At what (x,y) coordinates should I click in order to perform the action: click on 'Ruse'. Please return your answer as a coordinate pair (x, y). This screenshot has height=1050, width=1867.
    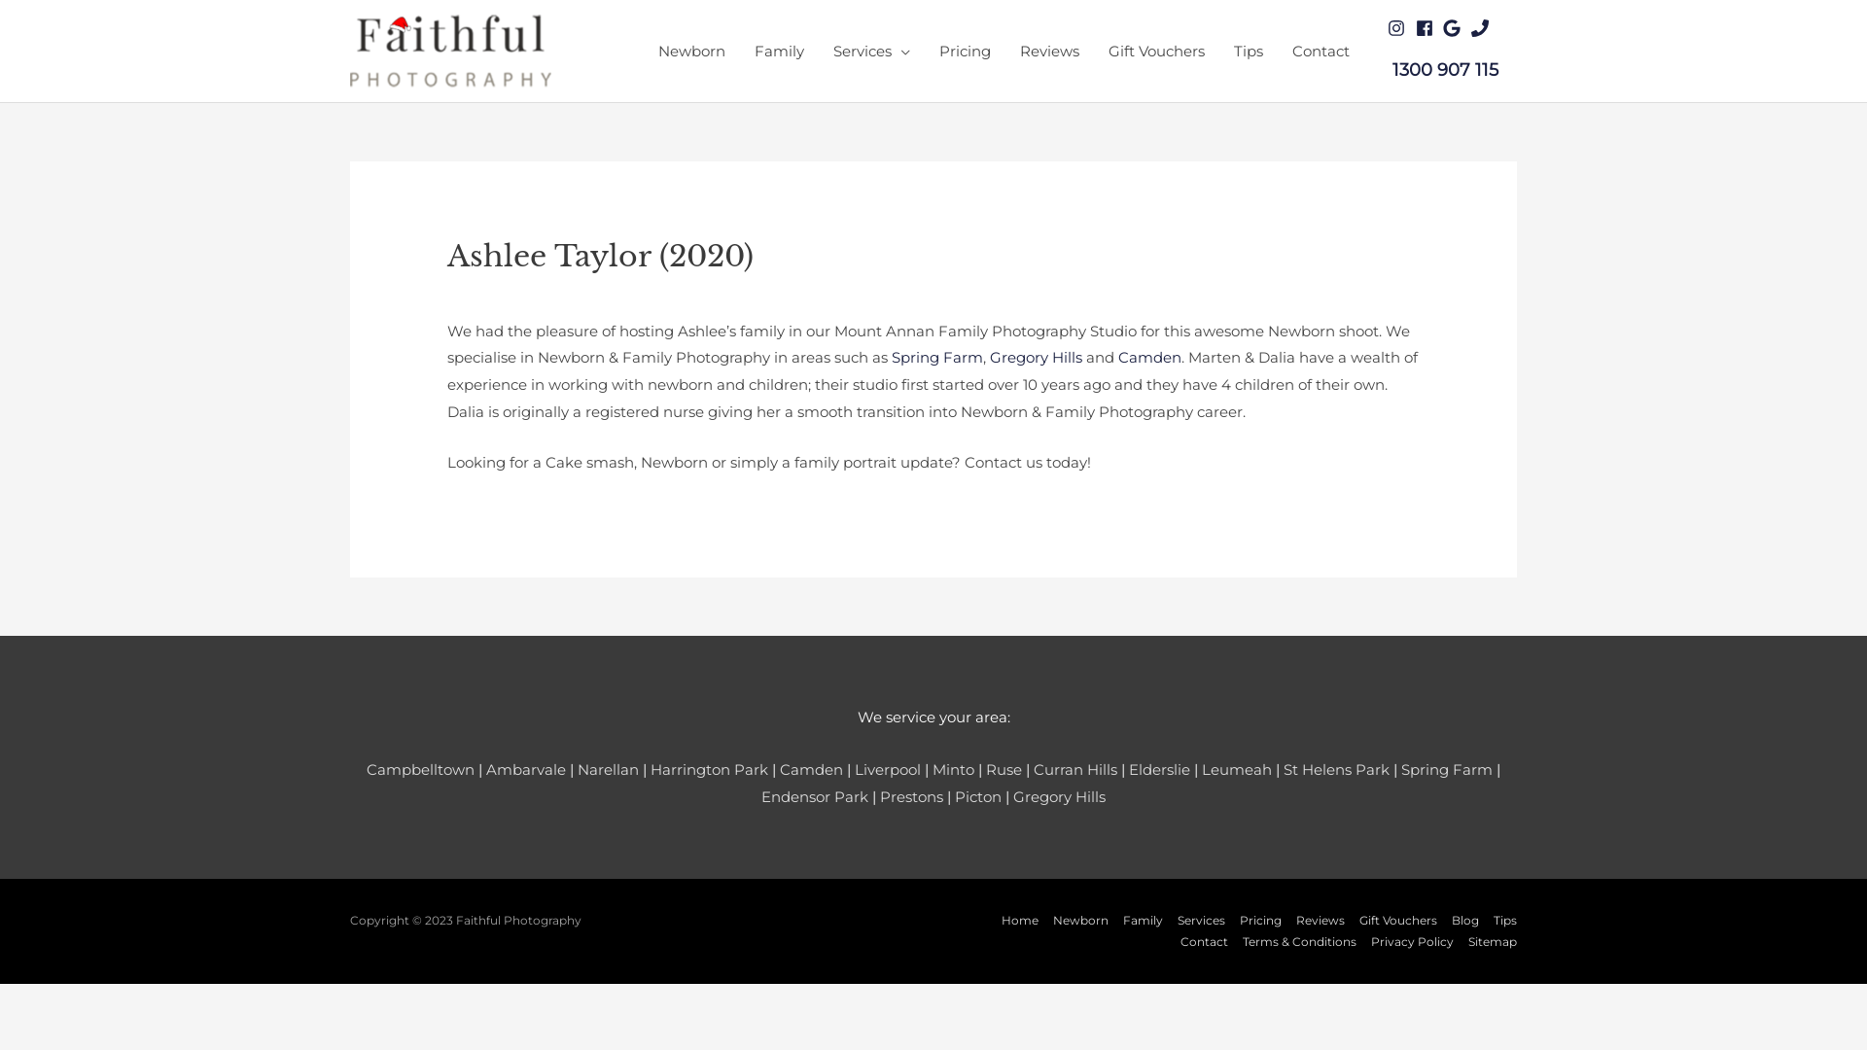
    Looking at the image, I should click on (1004, 768).